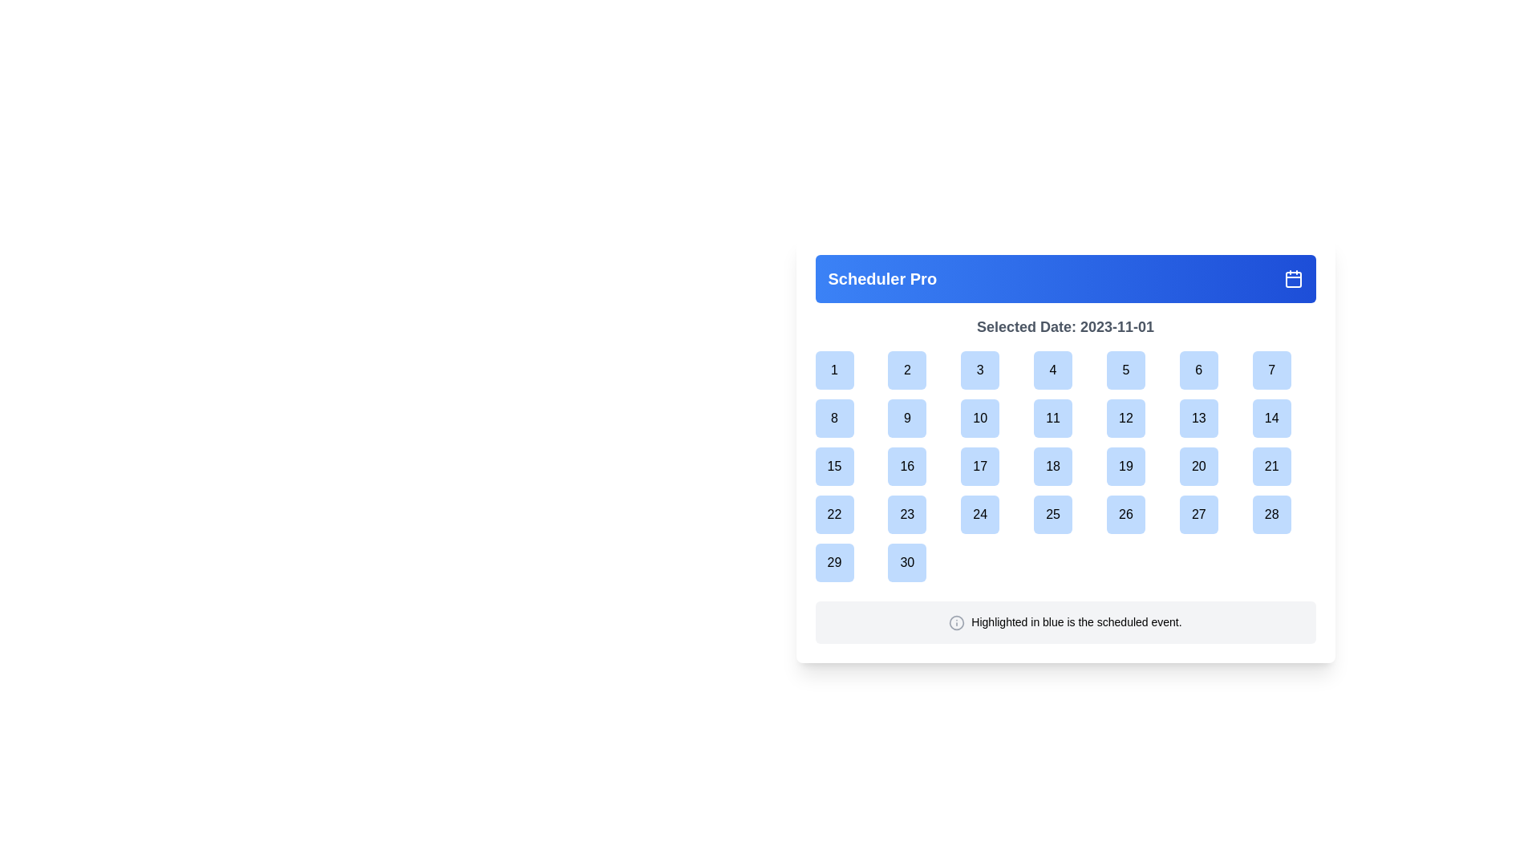 Image resolution: width=1540 pixels, height=866 pixels. What do you see at coordinates (1270, 514) in the screenshot?
I see `the square button with a rounded border, light blue background, and the text '28' centered in black` at bounding box center [1270, 514].